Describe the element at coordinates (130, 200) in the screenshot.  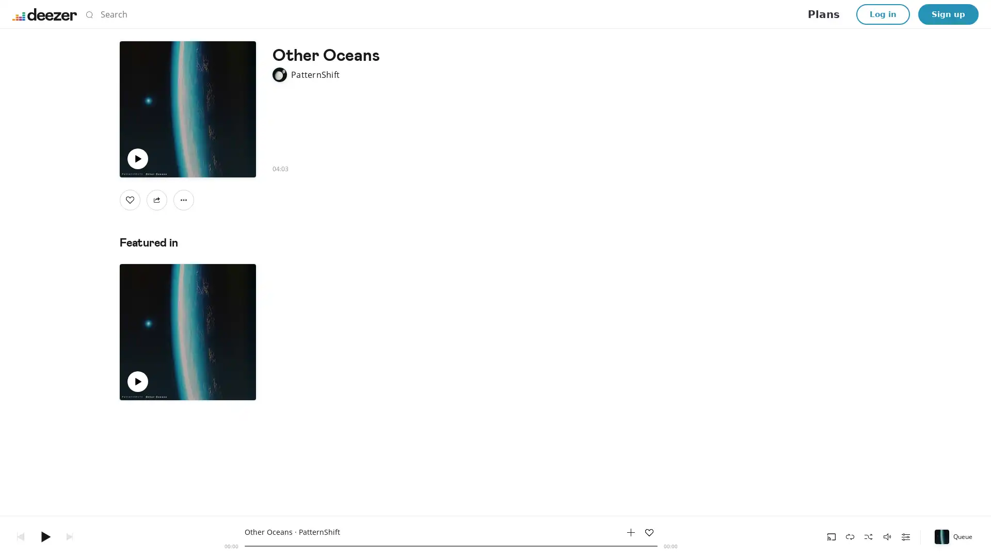
I see `Add` at that location.